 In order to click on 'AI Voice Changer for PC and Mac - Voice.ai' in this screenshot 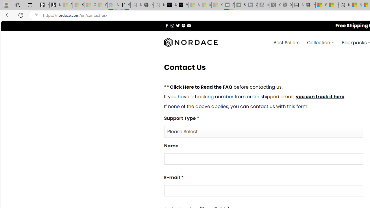, I will do `click(171, 5)`.